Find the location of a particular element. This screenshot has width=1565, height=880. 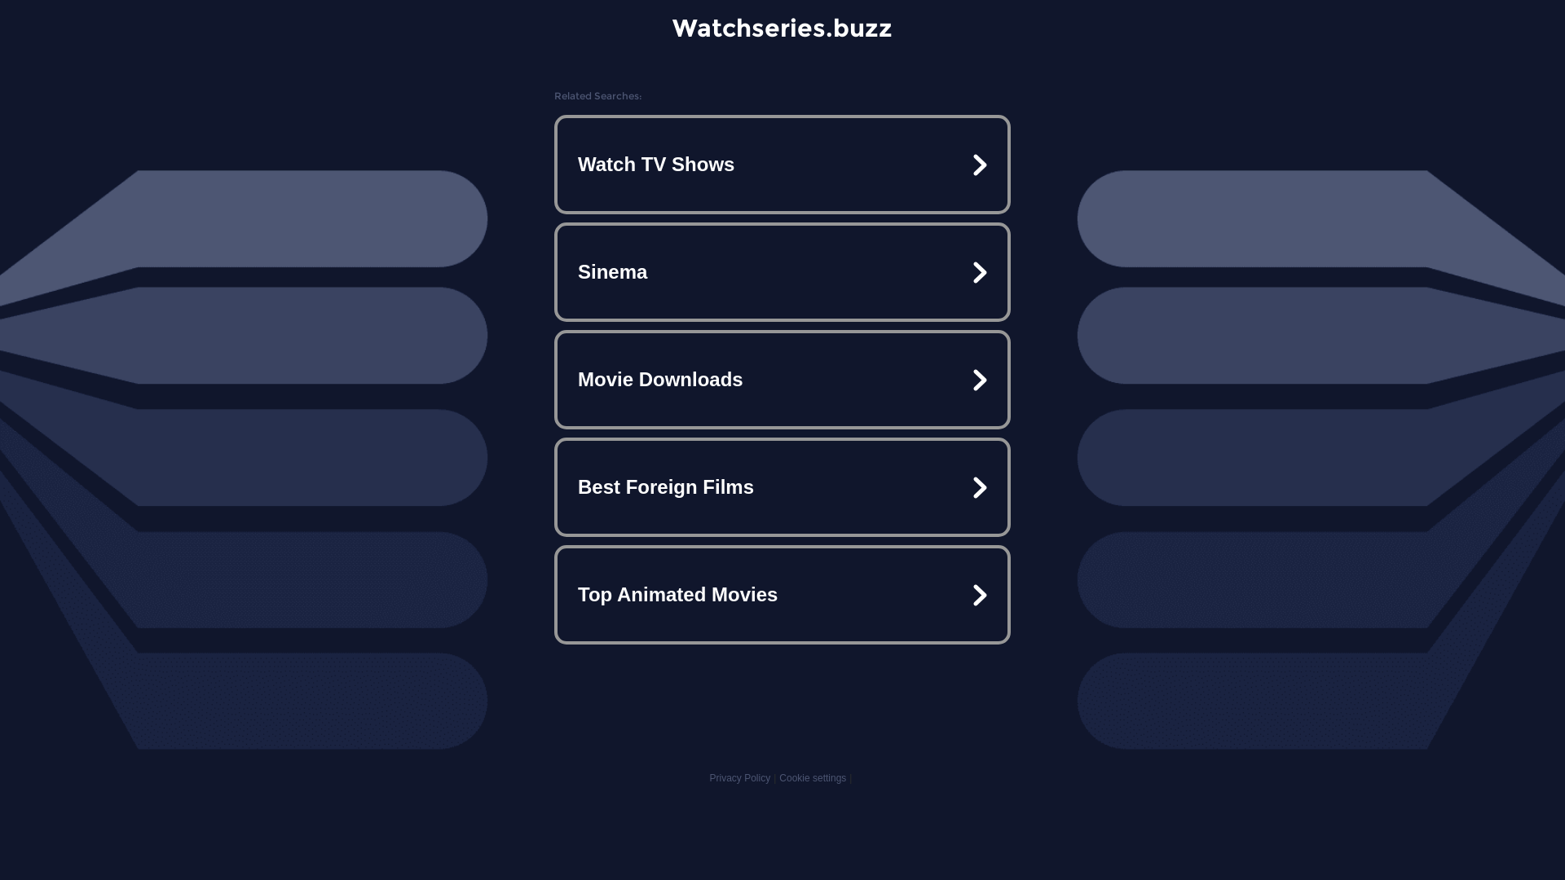

'Cookie settings' is located at coordinates (813, 777).